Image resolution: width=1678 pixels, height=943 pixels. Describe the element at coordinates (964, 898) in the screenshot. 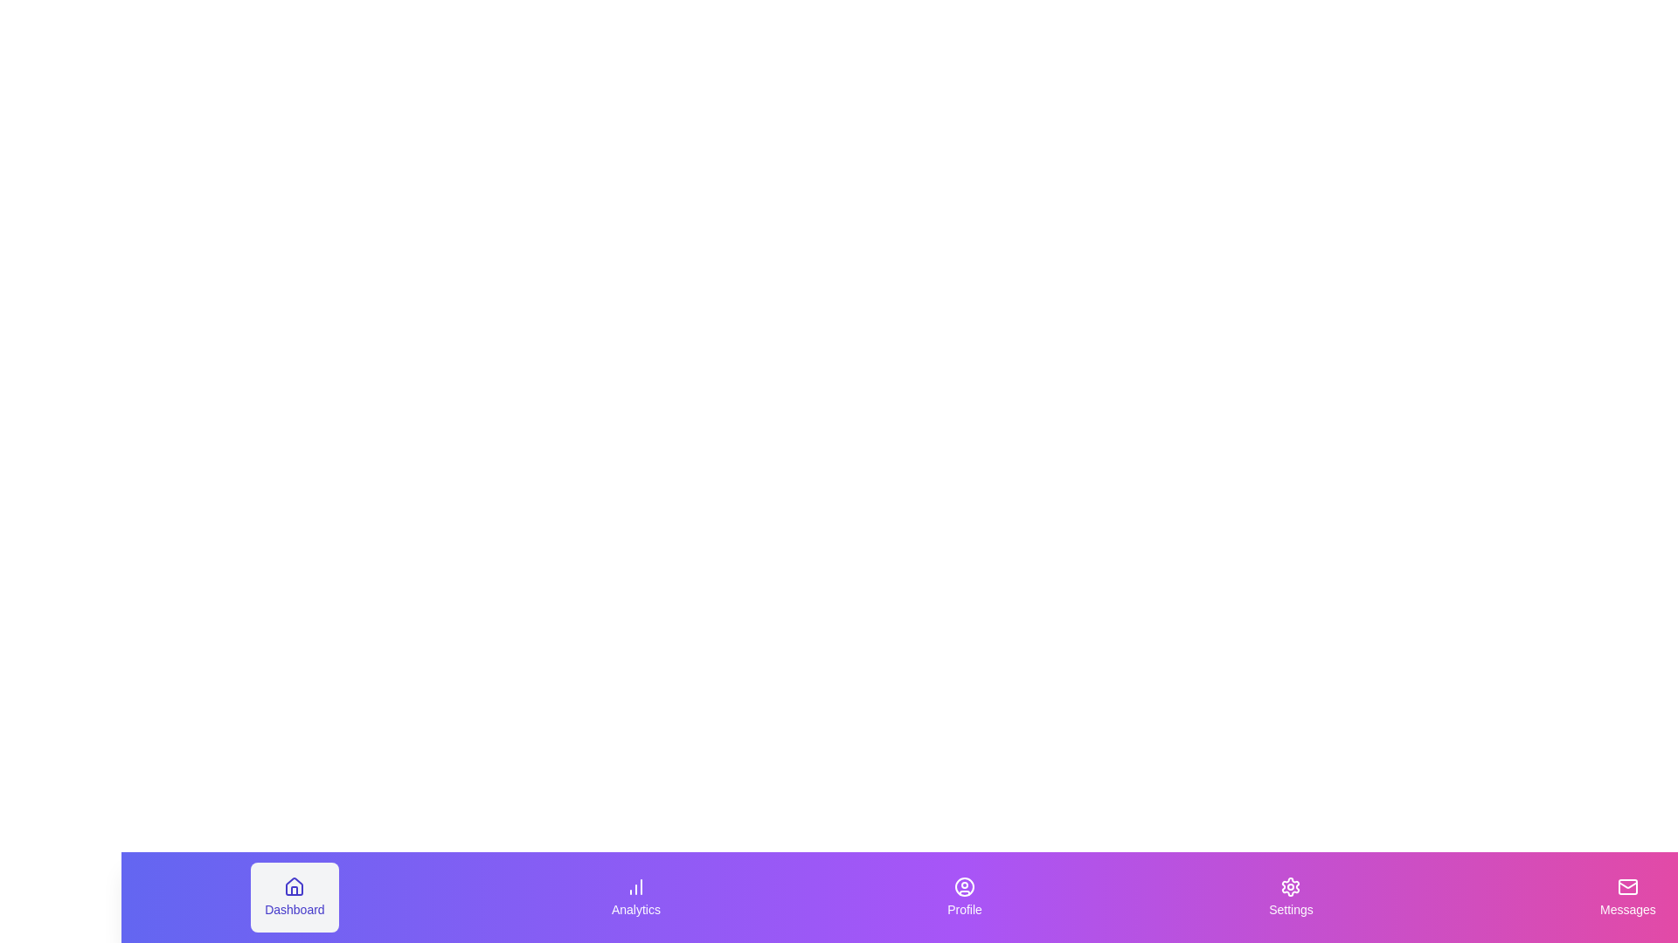

I see `the tab labeled Profile to see its visual feedback` at that location.